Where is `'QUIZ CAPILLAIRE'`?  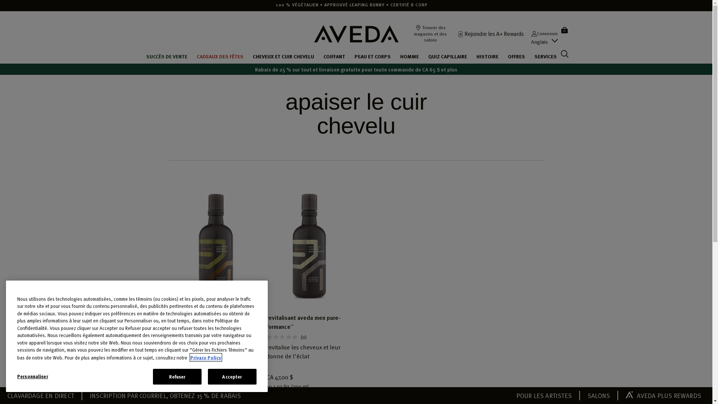 'QUIZ CAPILLAIRE' is located at coordinates (428, 56).